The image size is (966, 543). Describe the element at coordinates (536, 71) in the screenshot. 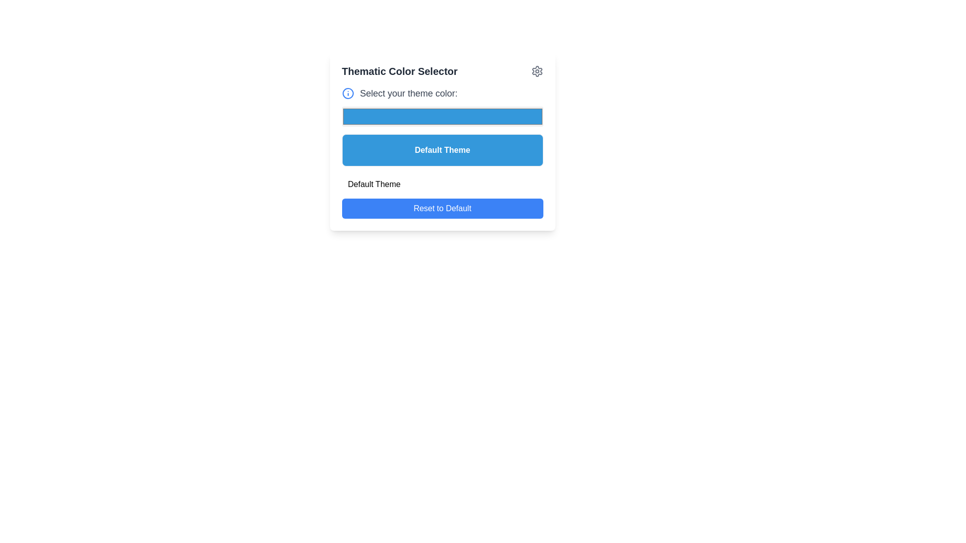

I see `the icon button located at the top-right corner of the 'Thematic Color Selector' widget to change the color to a darker shade` at that location.